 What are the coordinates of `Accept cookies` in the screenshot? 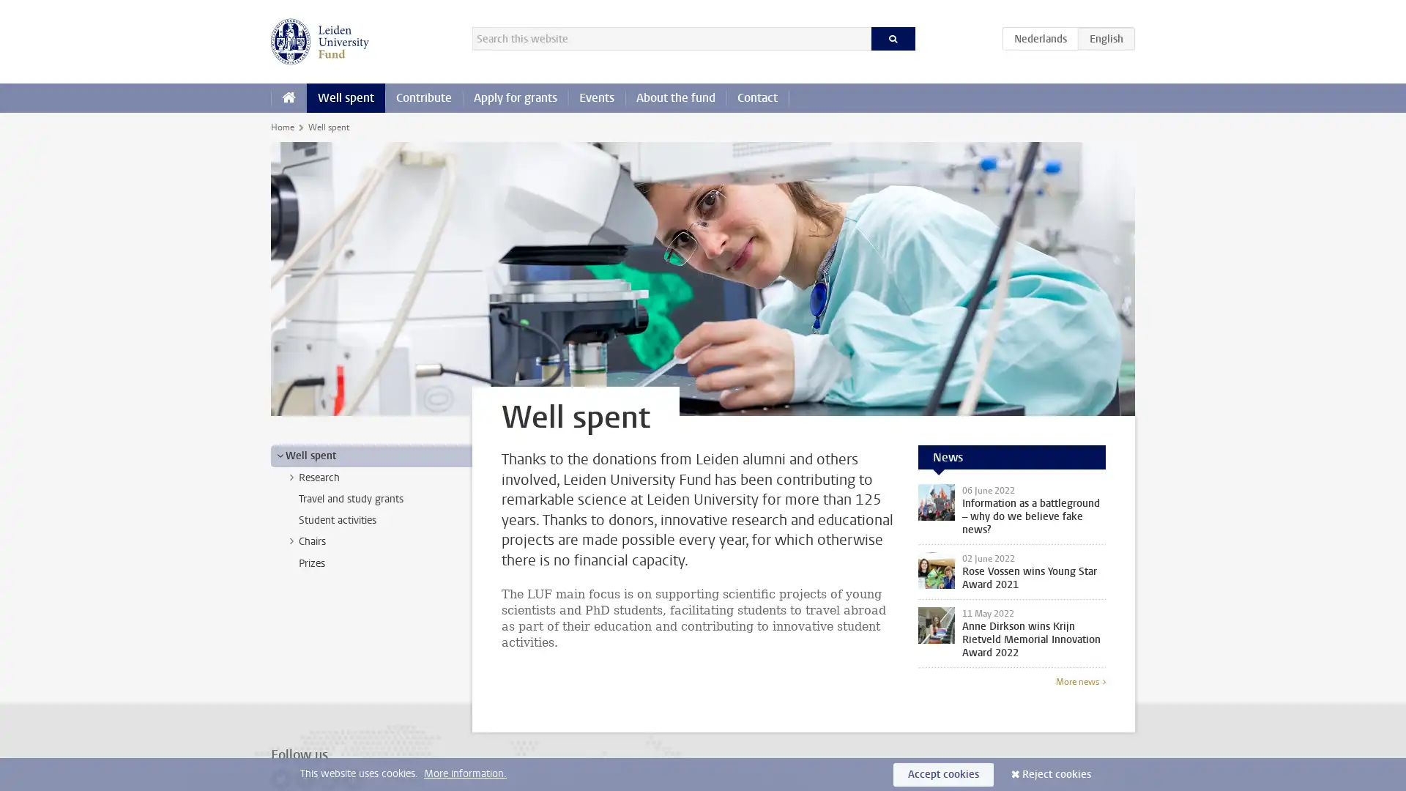 It's located at (943, 773).